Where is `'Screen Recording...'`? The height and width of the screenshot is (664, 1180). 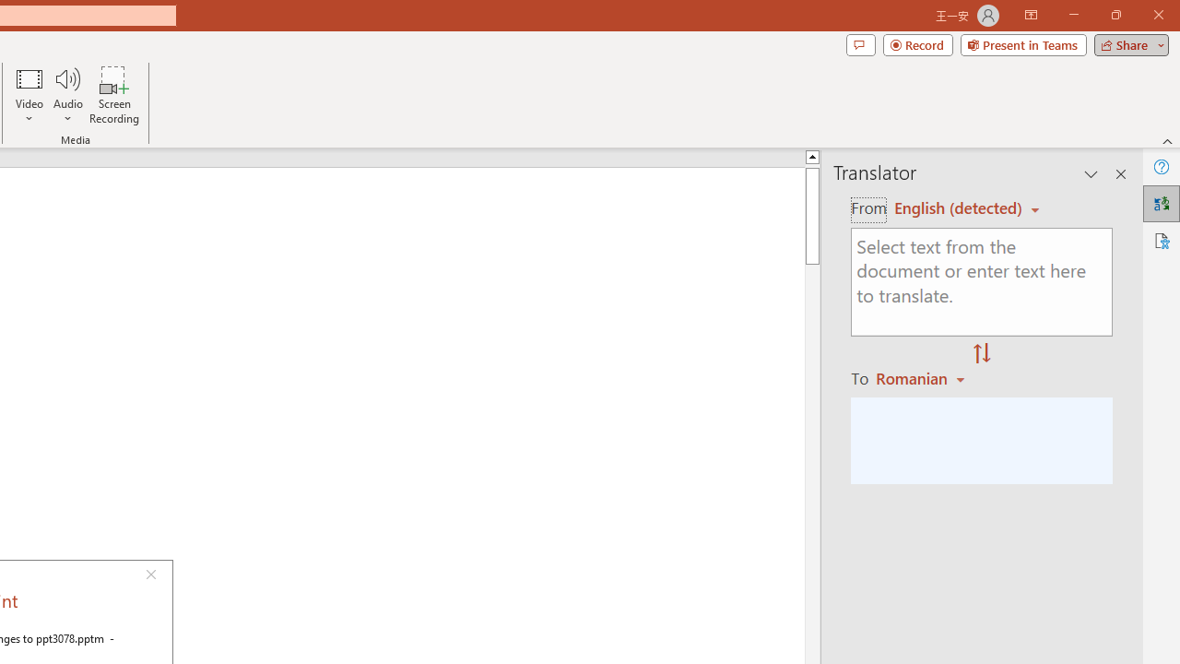 'Screen Recording...' is located at coordinates (113, 95).